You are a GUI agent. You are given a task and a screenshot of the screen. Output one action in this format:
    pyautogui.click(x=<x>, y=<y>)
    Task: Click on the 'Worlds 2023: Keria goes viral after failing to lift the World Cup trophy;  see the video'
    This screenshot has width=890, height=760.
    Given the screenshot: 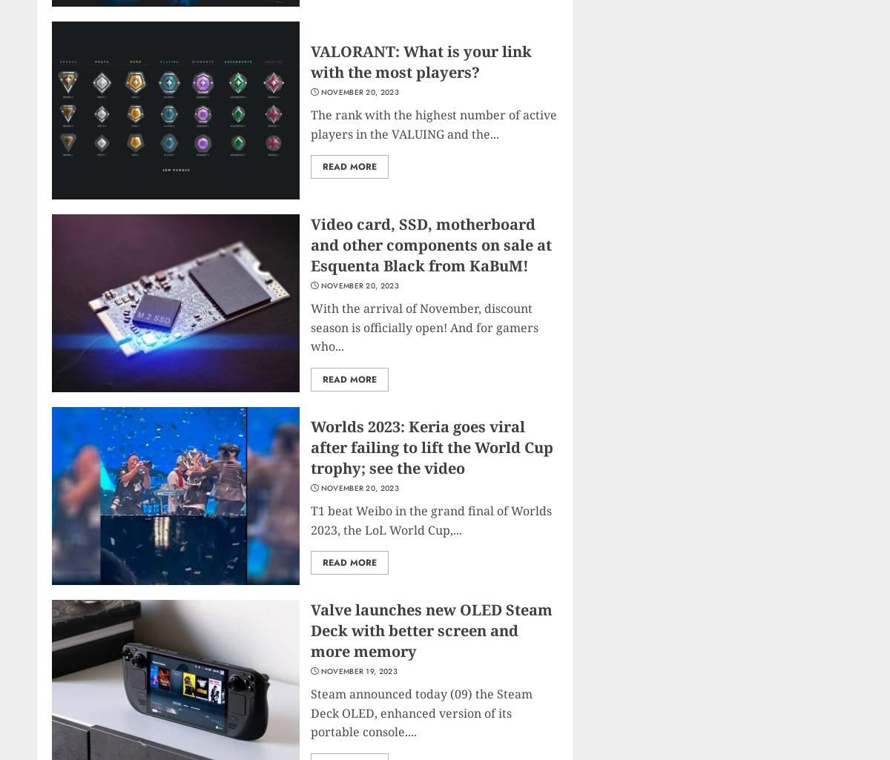 What is the action you would take?
    pyautogui.click(x=311, y=447)
    